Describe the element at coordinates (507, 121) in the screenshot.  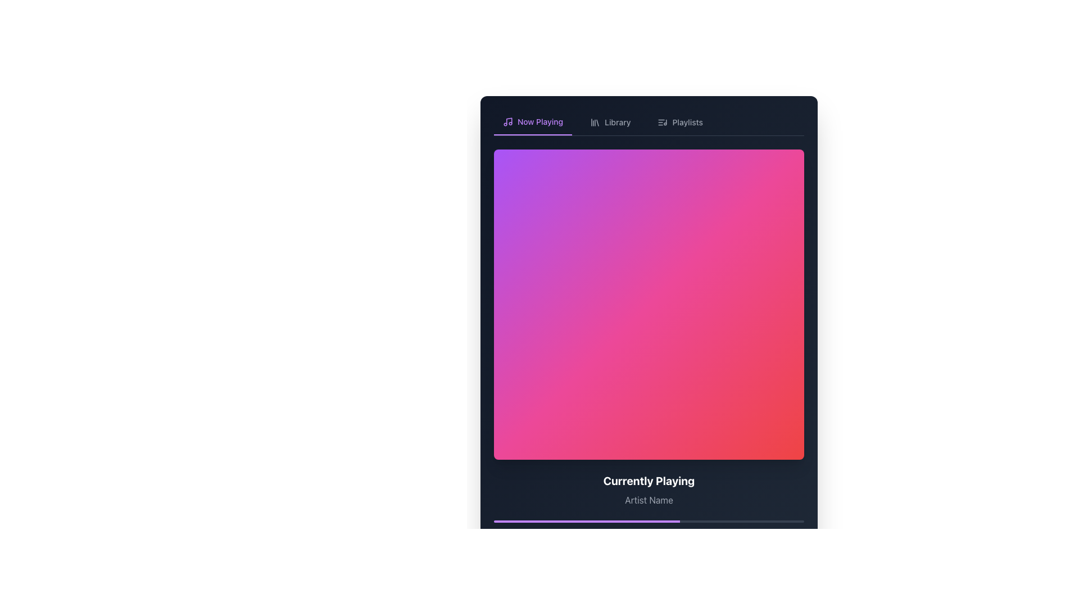
I see `the purple music note icon located to the left of the 'Now Playing' text in the top bar` at that location.